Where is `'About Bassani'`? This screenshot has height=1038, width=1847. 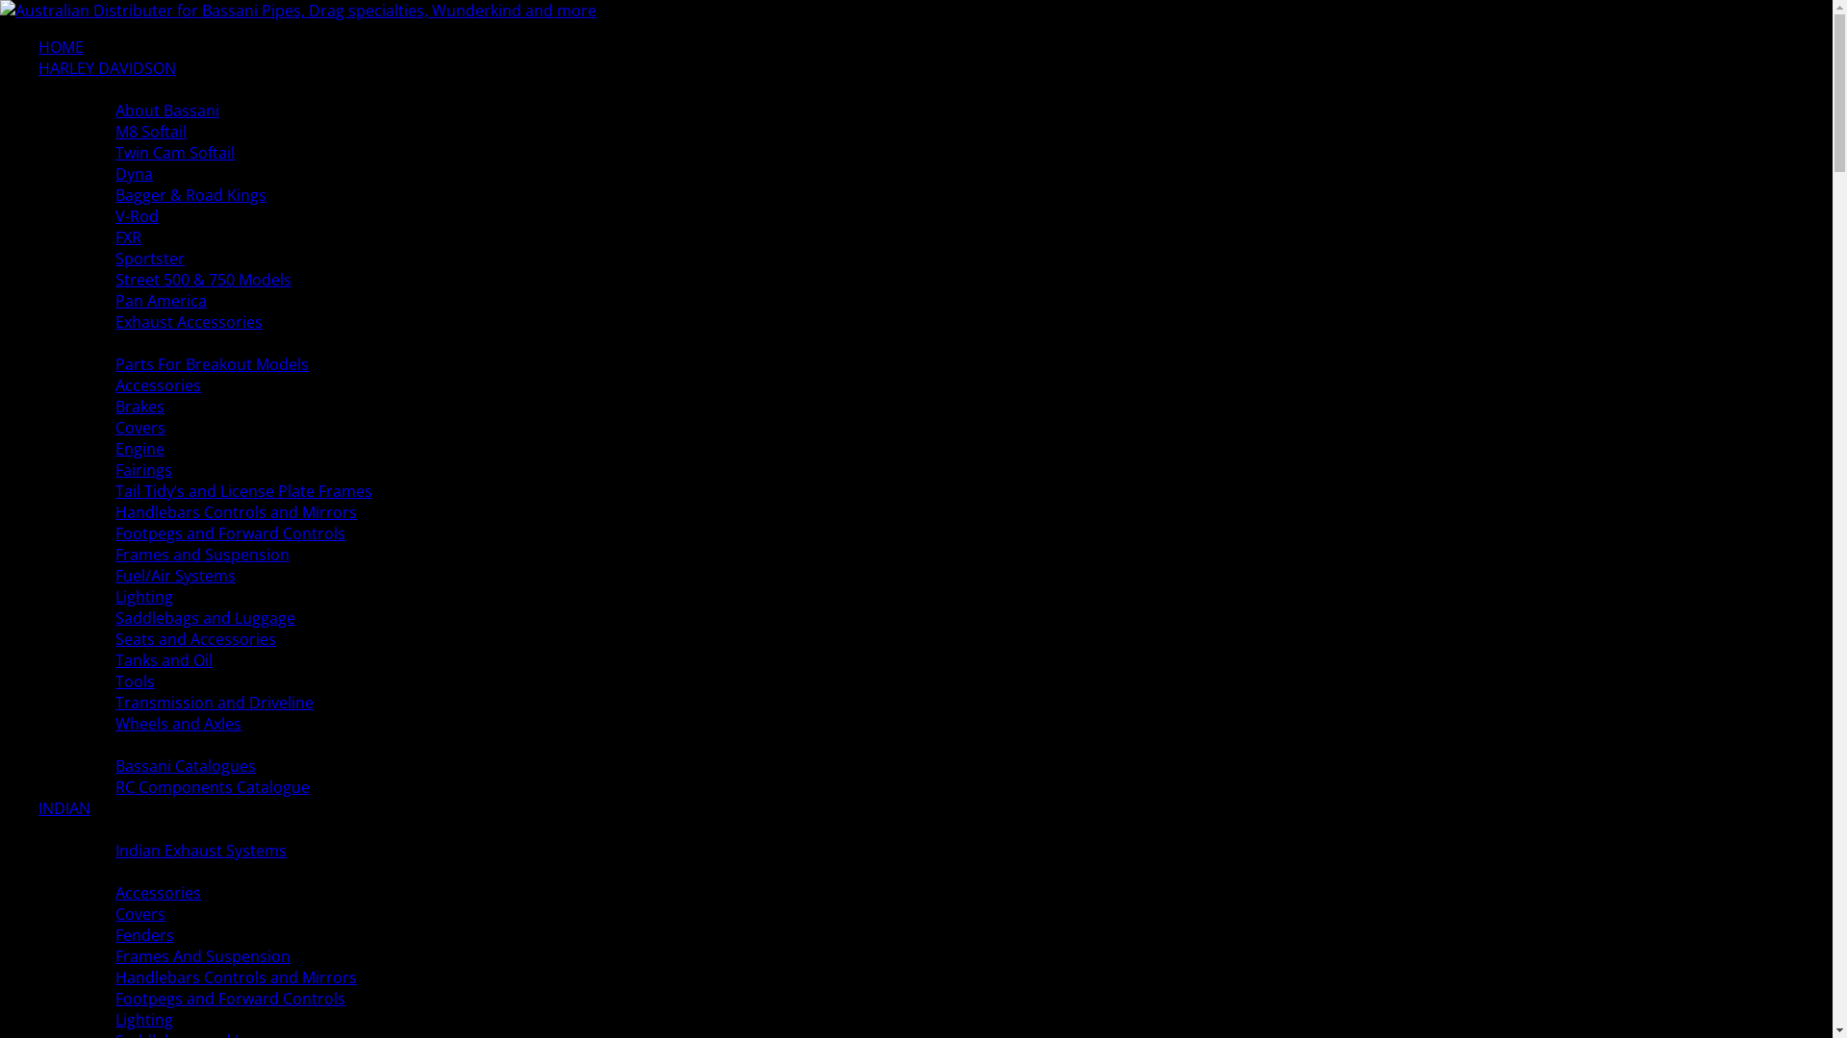
'About Bassani' is located at coordinates (166, 111).